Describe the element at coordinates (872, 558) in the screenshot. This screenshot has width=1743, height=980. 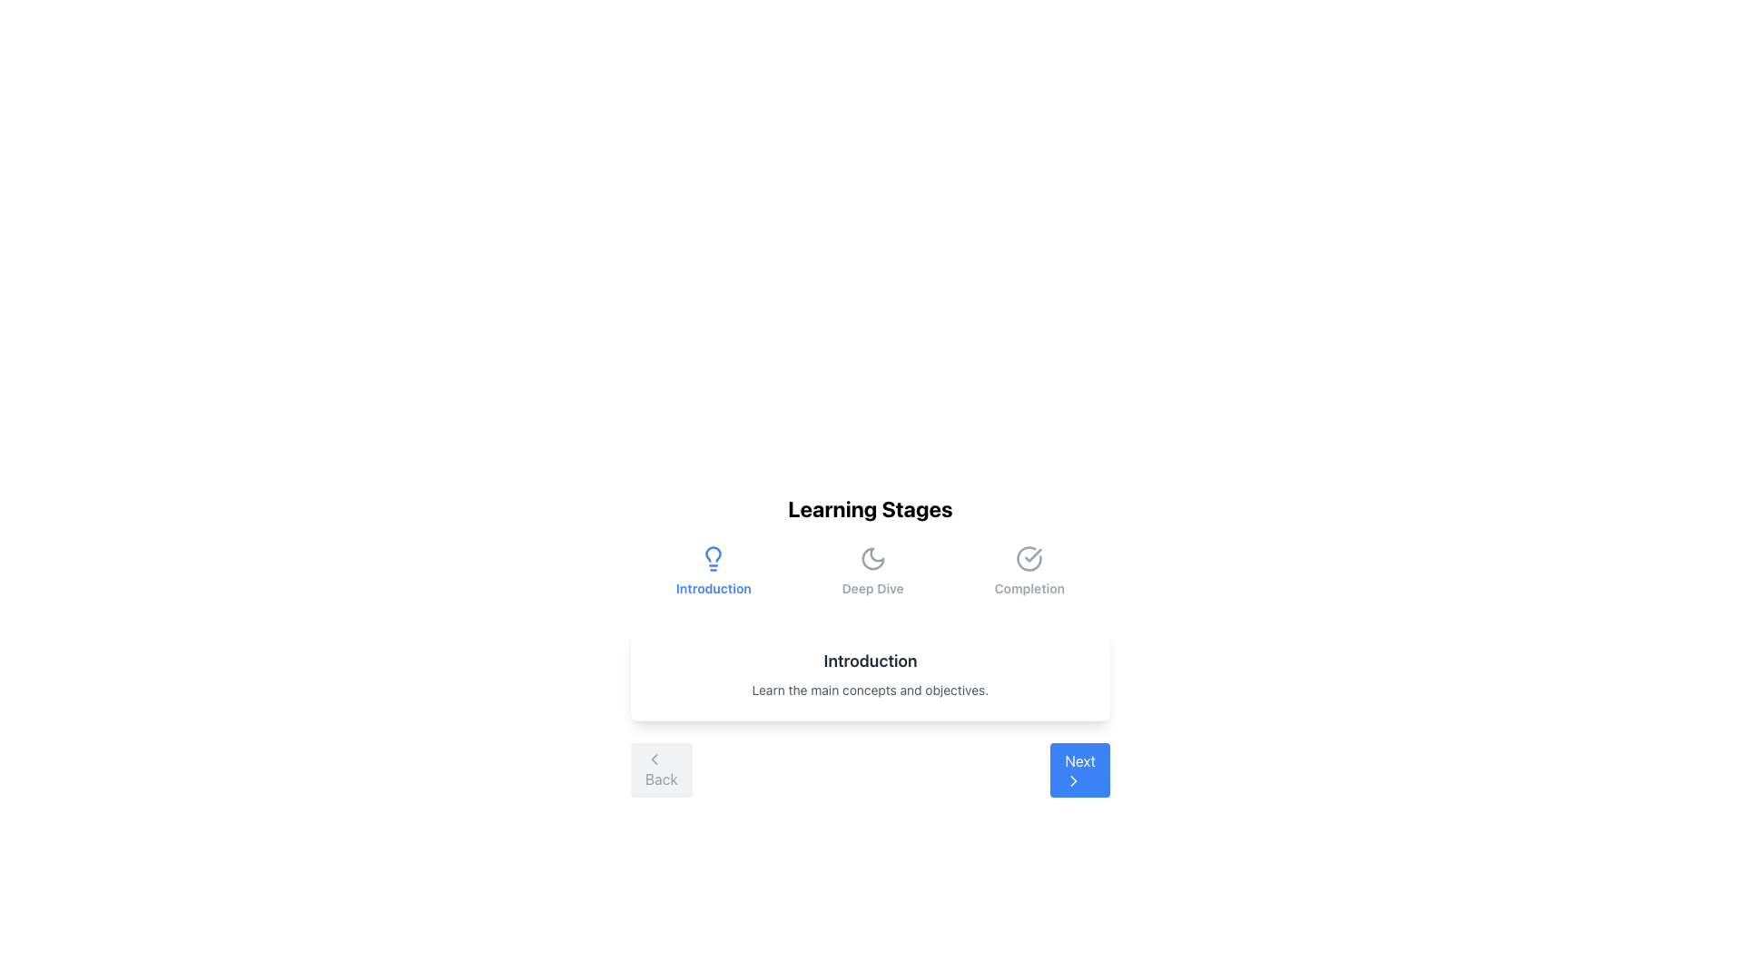
I see `the 'Deep Dive' icon in the Learning Stages module, which is centrally located in the 'Deep Dive' section of a horizontal layout of icons` at that location.